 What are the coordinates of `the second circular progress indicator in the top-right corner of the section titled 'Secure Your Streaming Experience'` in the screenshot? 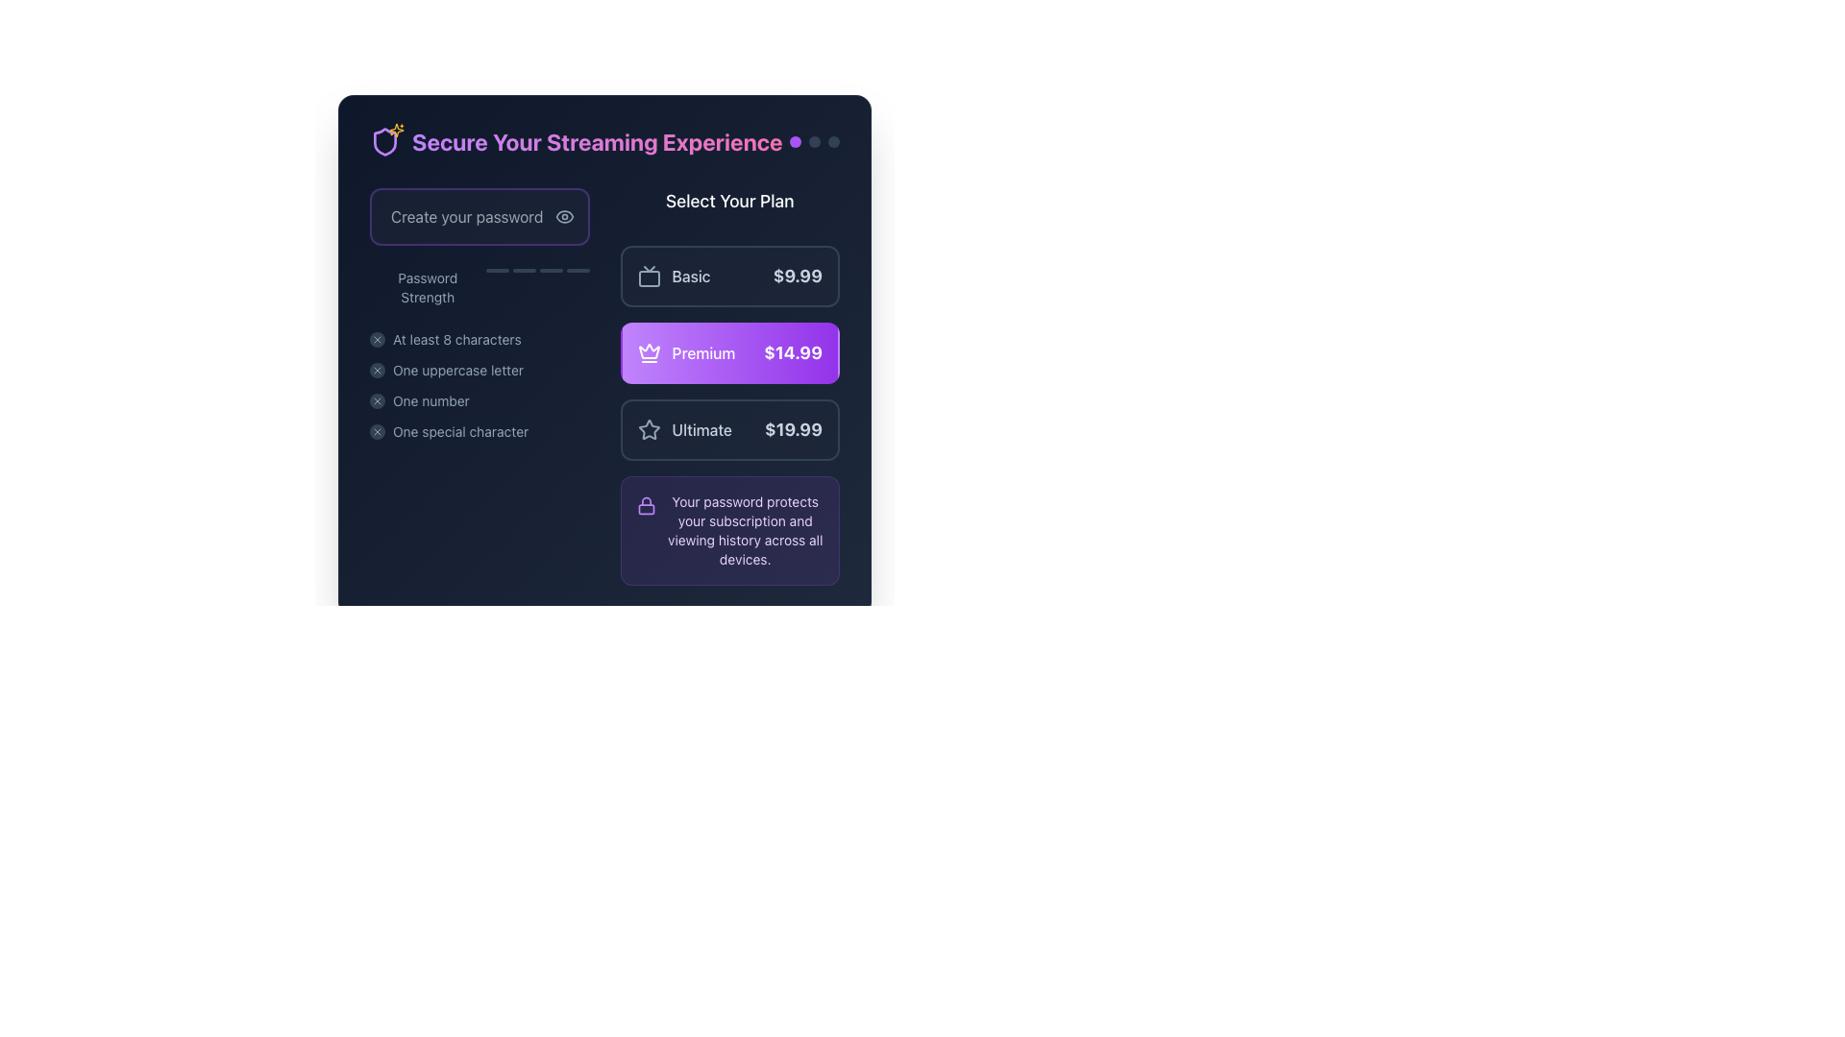 It's located at (815, 140).